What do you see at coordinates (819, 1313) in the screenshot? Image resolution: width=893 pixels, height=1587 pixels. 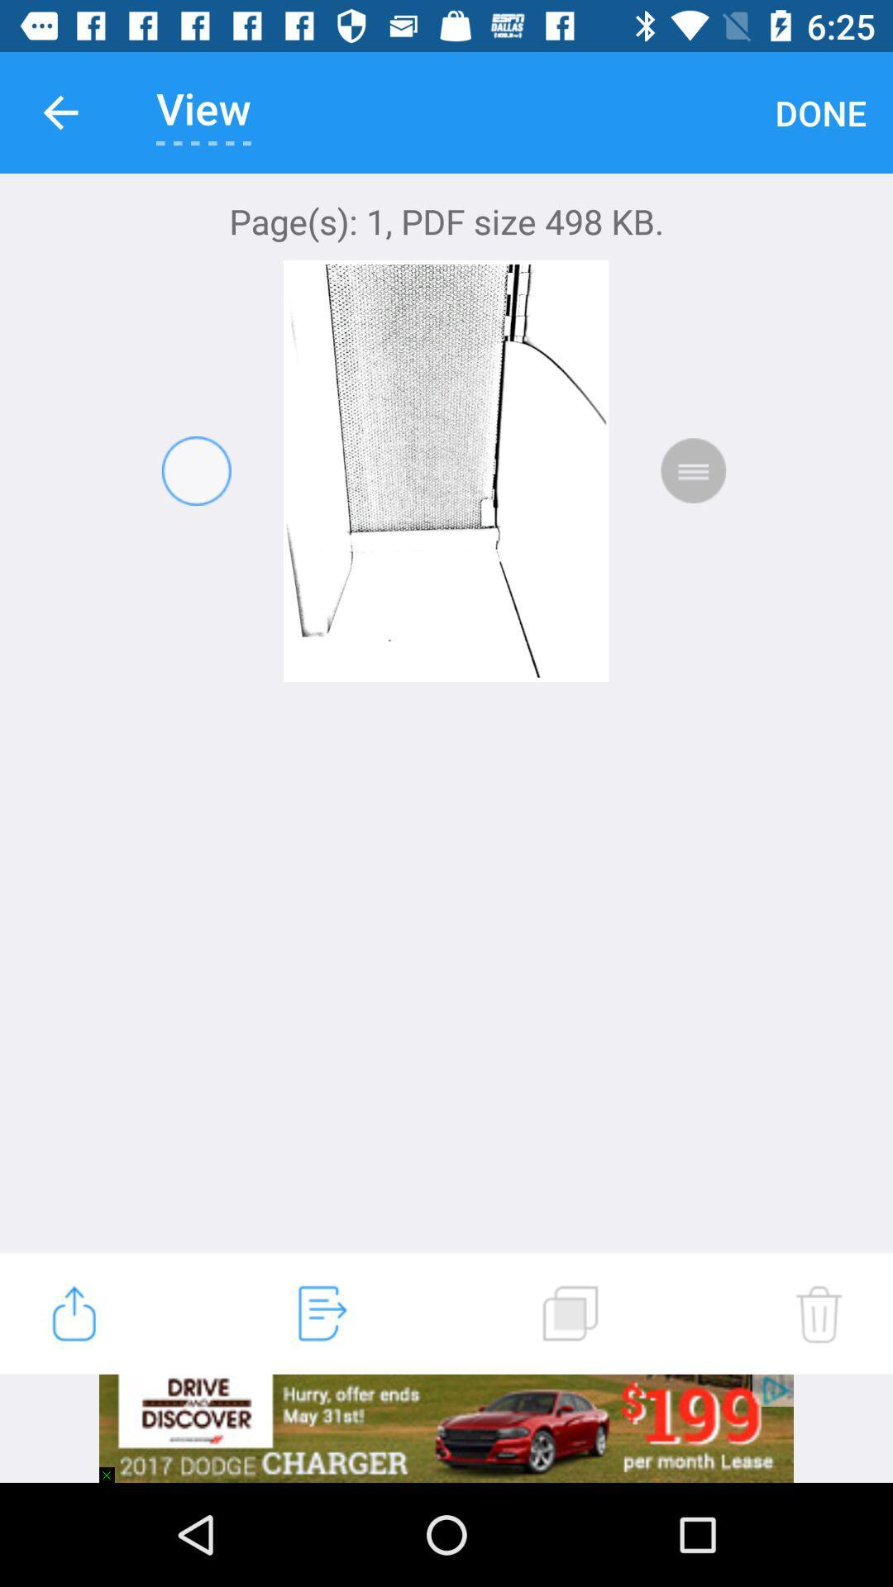 I see `the delete icon` at bounding box center [819, 1313].